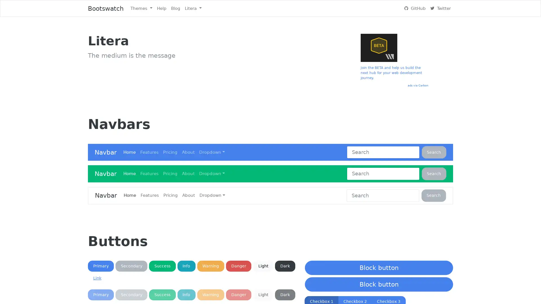 The image size is (541, 304). I want to click on Primary, so click(101, 266).